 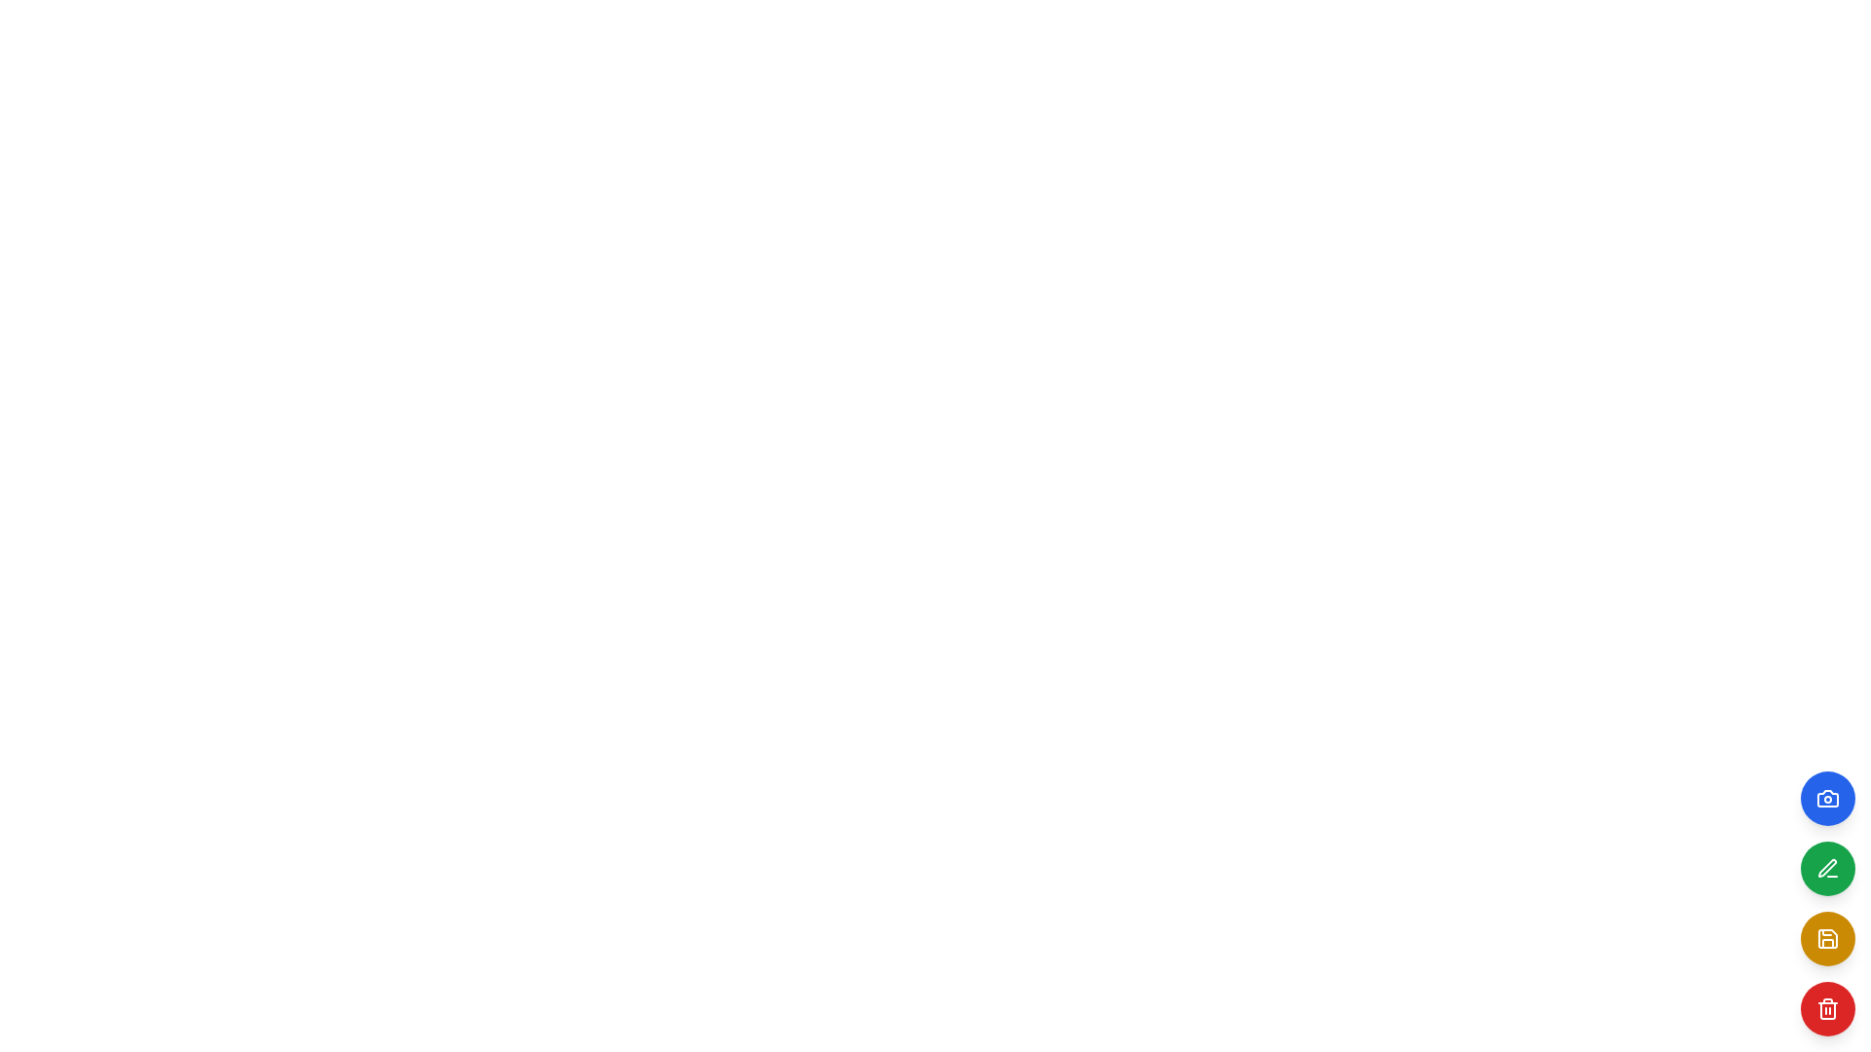 What do you see at coordinates (1827, 867) in the screenshot?
I see `the edit button located on the right edge of the interface, which is the second button from the top` at bounding box center [1827, 867].